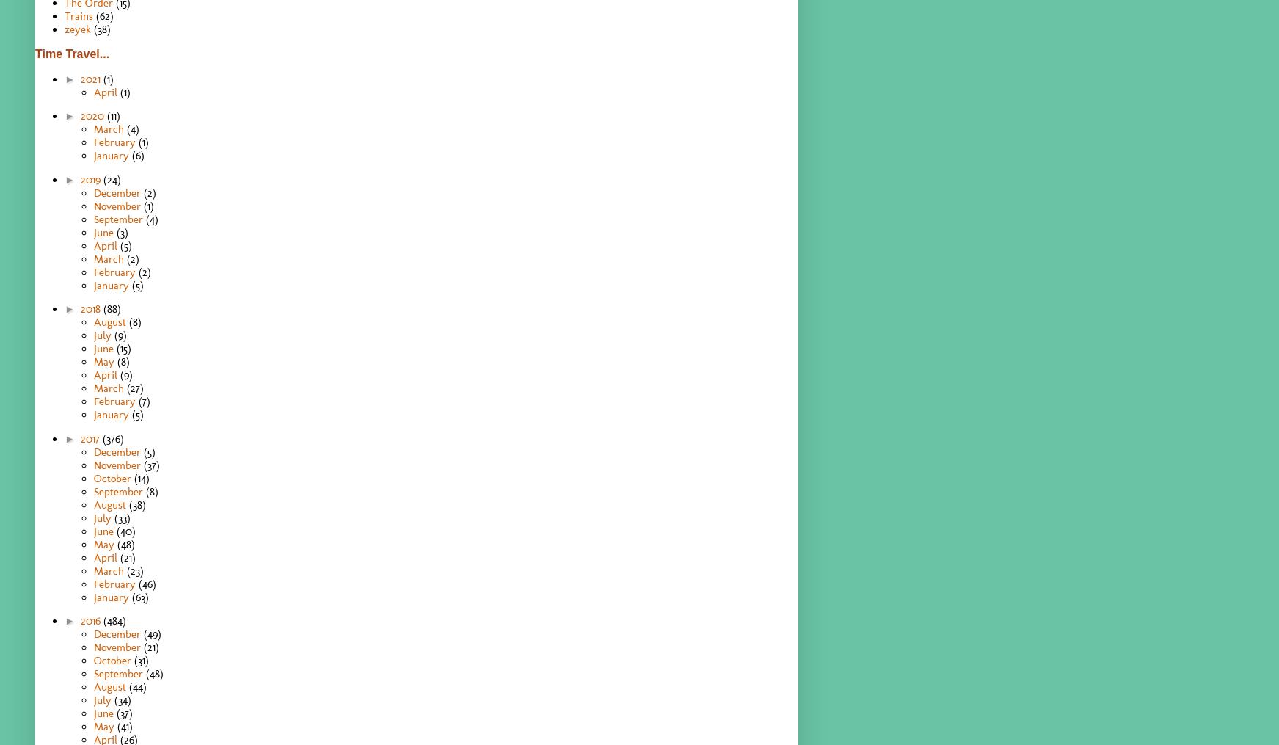  What do you see at coordinates (113, 115) in the screenshot?
I see `'(11)'` at bounding box center [113, 115].